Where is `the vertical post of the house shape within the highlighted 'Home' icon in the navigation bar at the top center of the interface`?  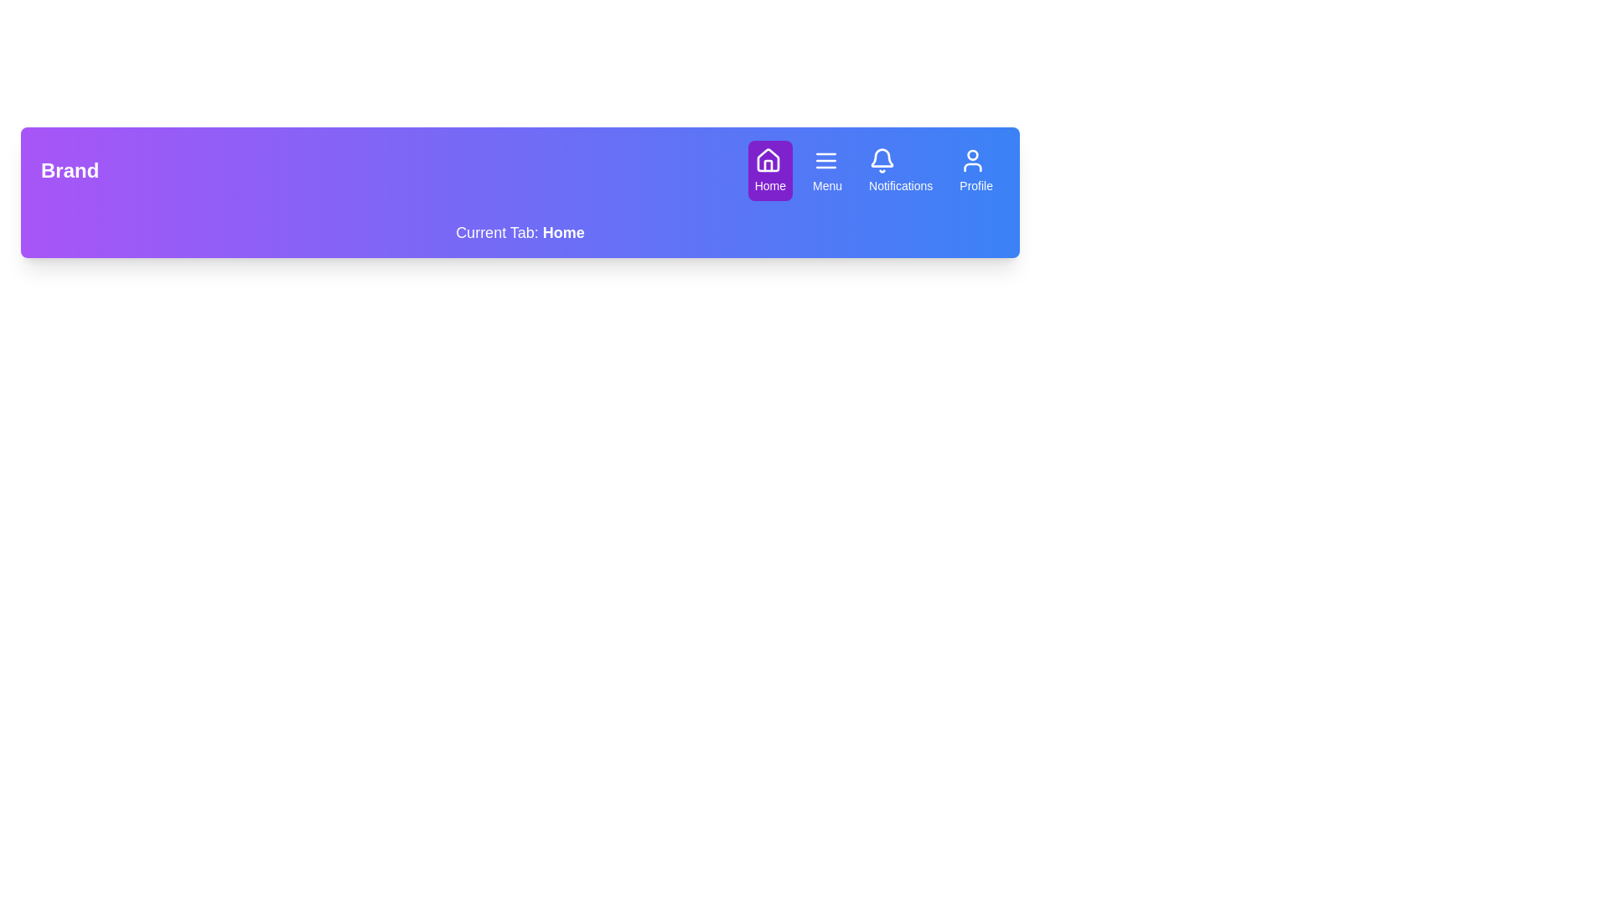 the vertical post of the house shape within the highlighted 'Home' icon in the navigation bar at the top center of the interface is located at coordinates (767, 165).